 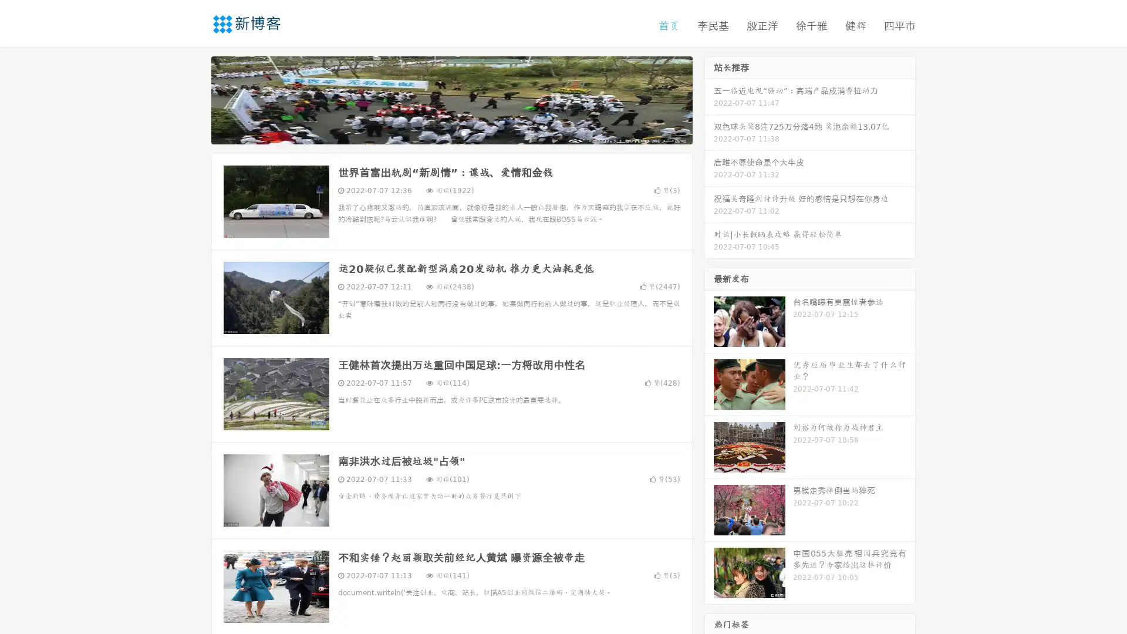 What do you see at coordinates (451, 132) in the screenshot?
I see `Go to slide 2` at bounding box center [451, 132].